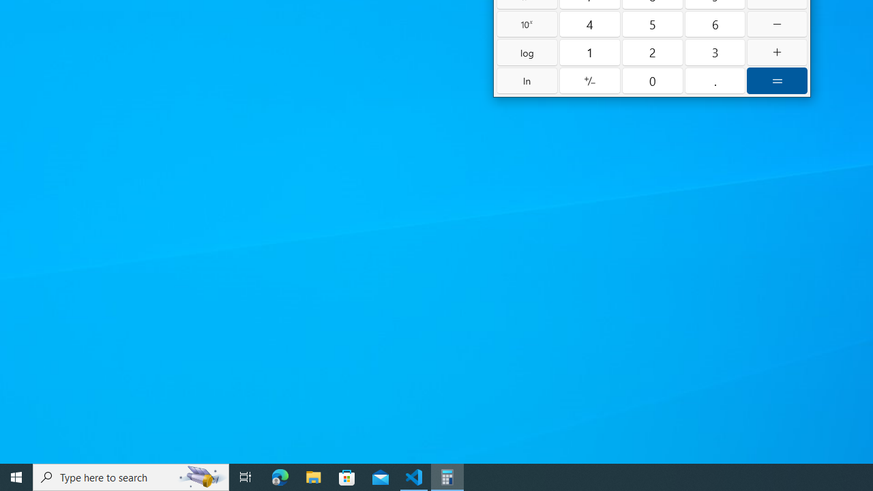  I want to click on 'Positive negative', so click(590, 80).